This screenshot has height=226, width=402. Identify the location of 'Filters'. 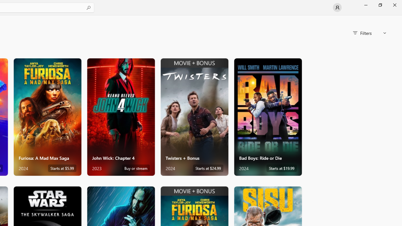
(369, 33).